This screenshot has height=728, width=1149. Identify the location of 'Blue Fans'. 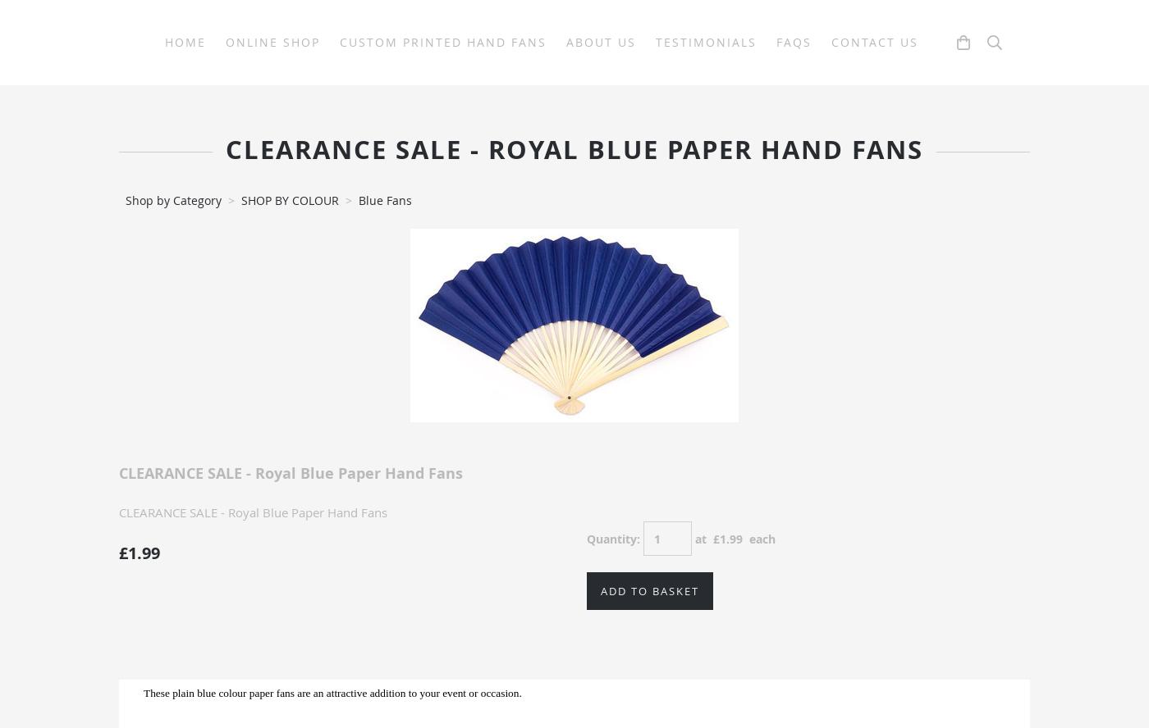
(385, 200).